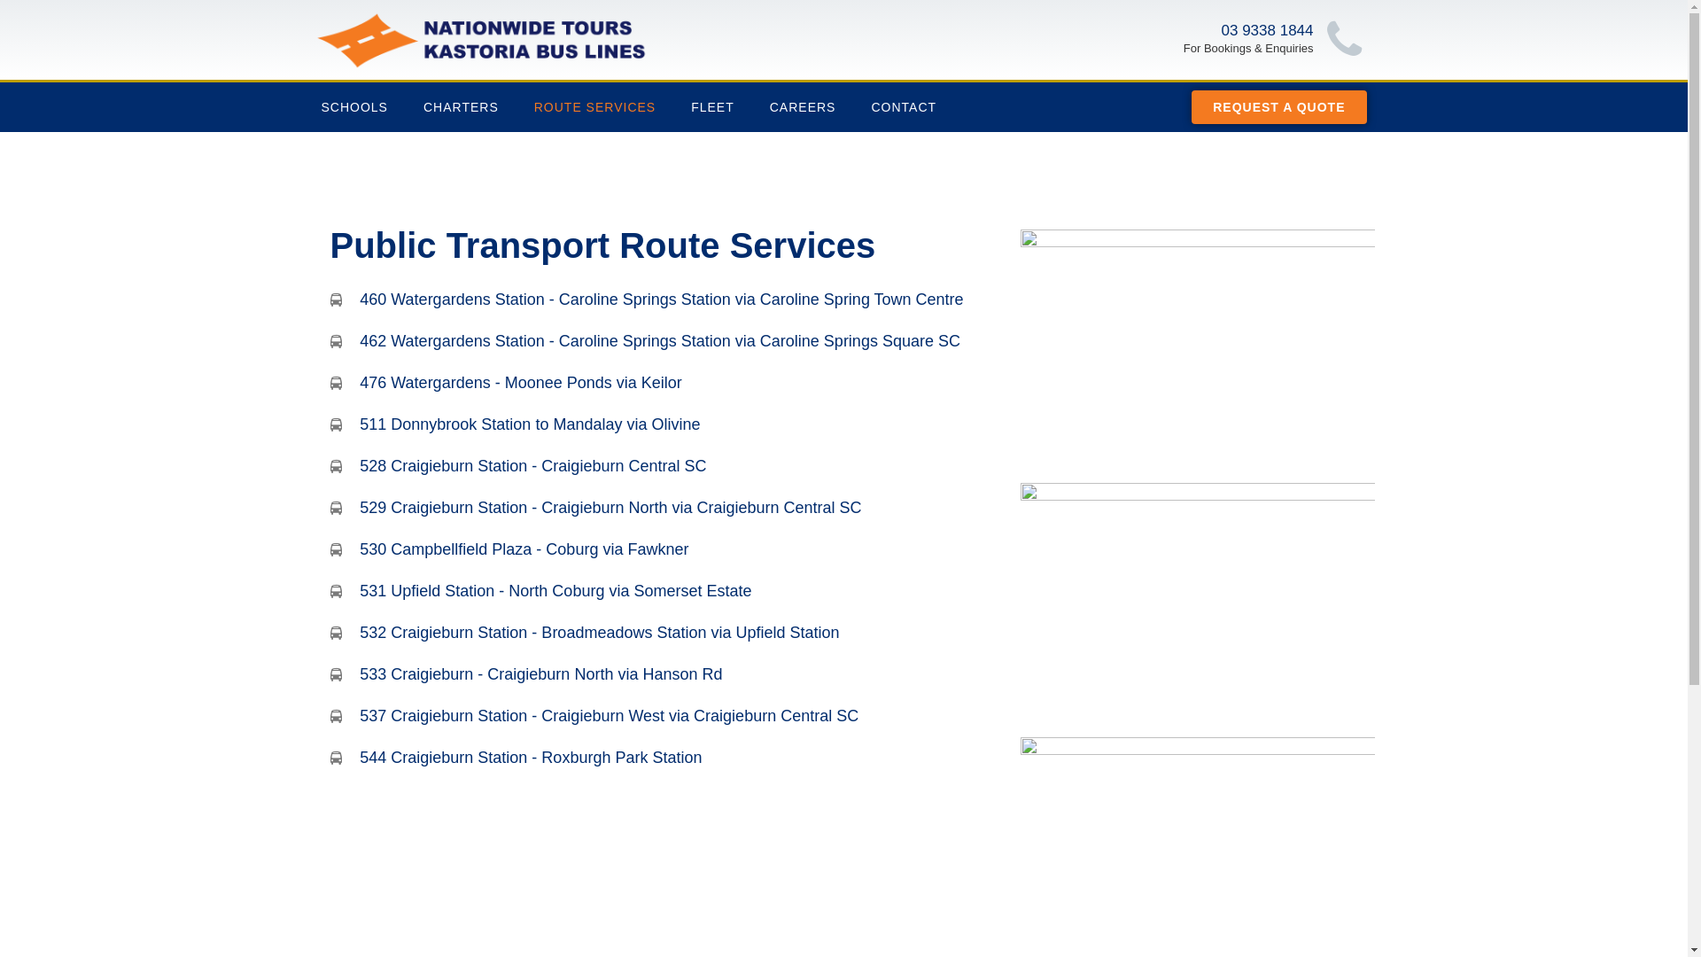 Image resolution: width=1701 pixels, height=957 pixels. I want to click on 'CONTACT', so click(903, 106).